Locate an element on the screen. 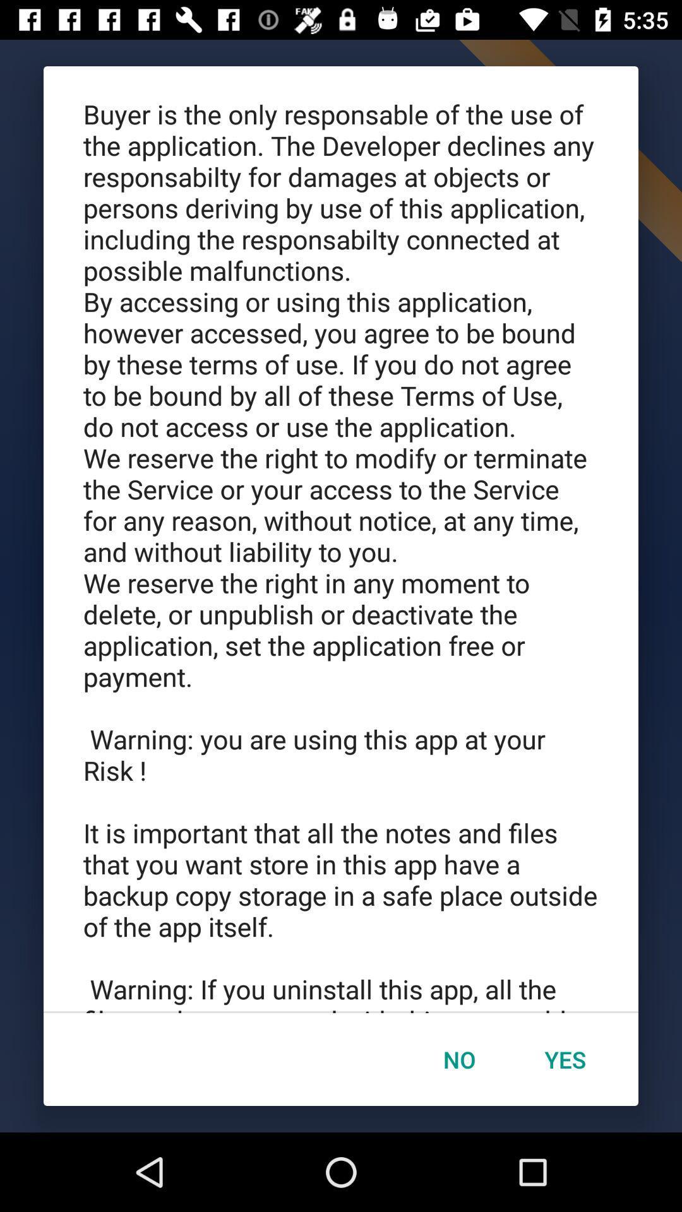  icon next to yes is located at coordinates (459, 1059).